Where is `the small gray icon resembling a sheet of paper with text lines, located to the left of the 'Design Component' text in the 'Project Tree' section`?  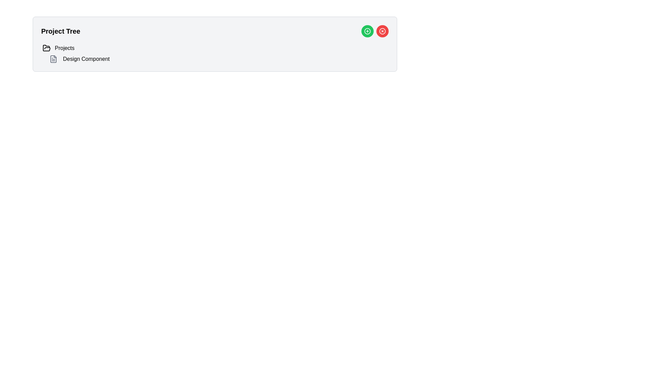
the small gray icon resembling a sheet of paper with text lines, located to the left of the 'Design Component' text in the 'Project Tree' section is located at coordinates (53, 58).